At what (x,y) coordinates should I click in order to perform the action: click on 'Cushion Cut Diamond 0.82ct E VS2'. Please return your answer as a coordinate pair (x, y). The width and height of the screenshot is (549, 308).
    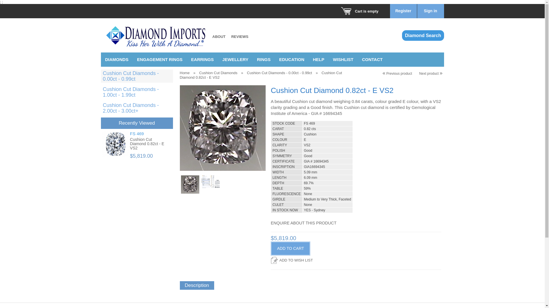
    Looking at the image, I should click on (210, 185).